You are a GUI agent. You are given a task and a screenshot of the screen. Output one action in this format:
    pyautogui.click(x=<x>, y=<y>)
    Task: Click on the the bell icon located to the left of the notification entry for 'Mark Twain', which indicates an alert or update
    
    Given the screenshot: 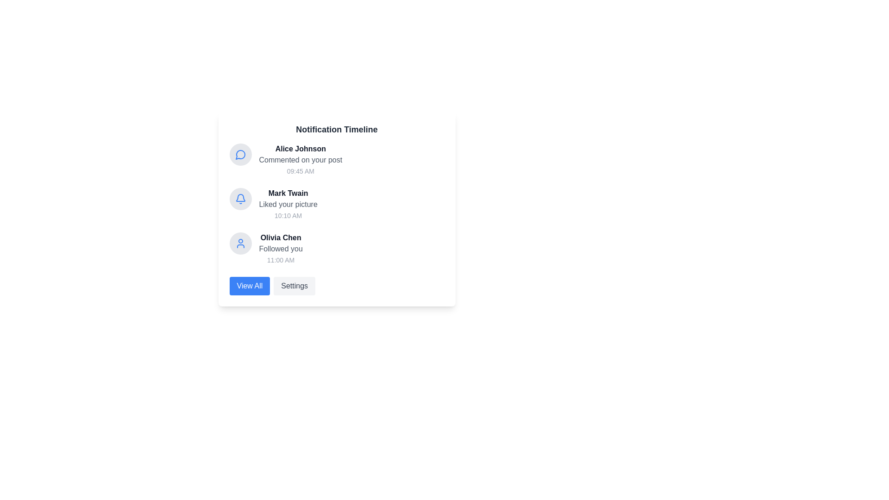 What is the action you would take?
    pyautogui.click(x=240, y=198)
    